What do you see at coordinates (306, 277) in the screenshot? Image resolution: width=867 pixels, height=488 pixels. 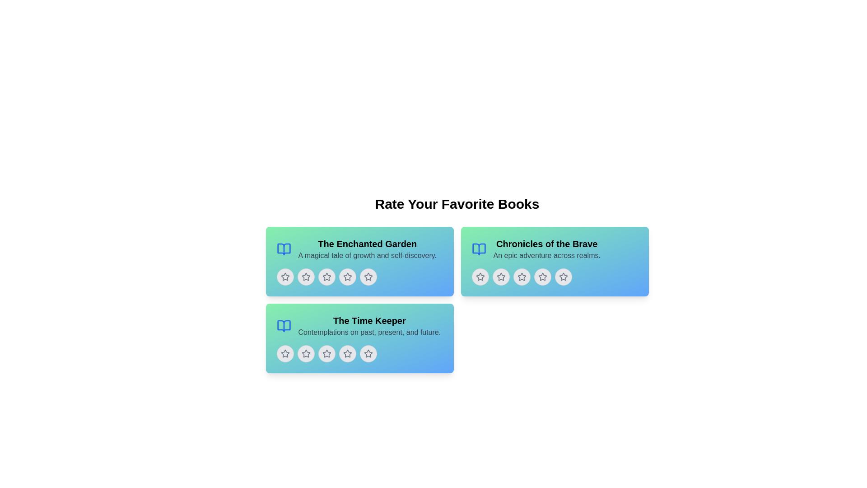 I see `the second interactive rating star icon with a gray outline in the rating row of the card labeled 'The Enchanted Garden'` at bounding box center [306, 277].